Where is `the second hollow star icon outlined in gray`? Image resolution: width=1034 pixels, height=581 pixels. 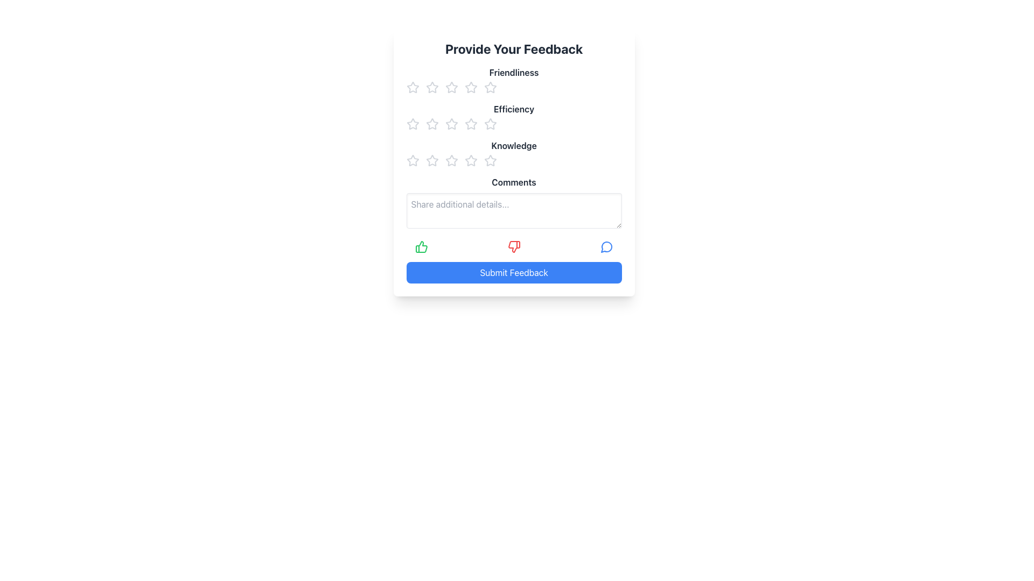 the second hollow star icon outlined in gray is located at coordinates (432, 124).